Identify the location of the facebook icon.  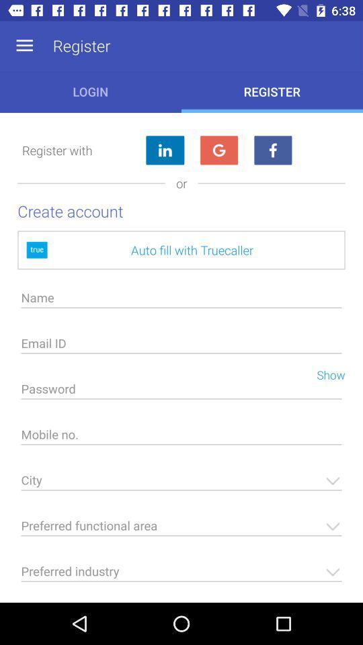
(272, 150).